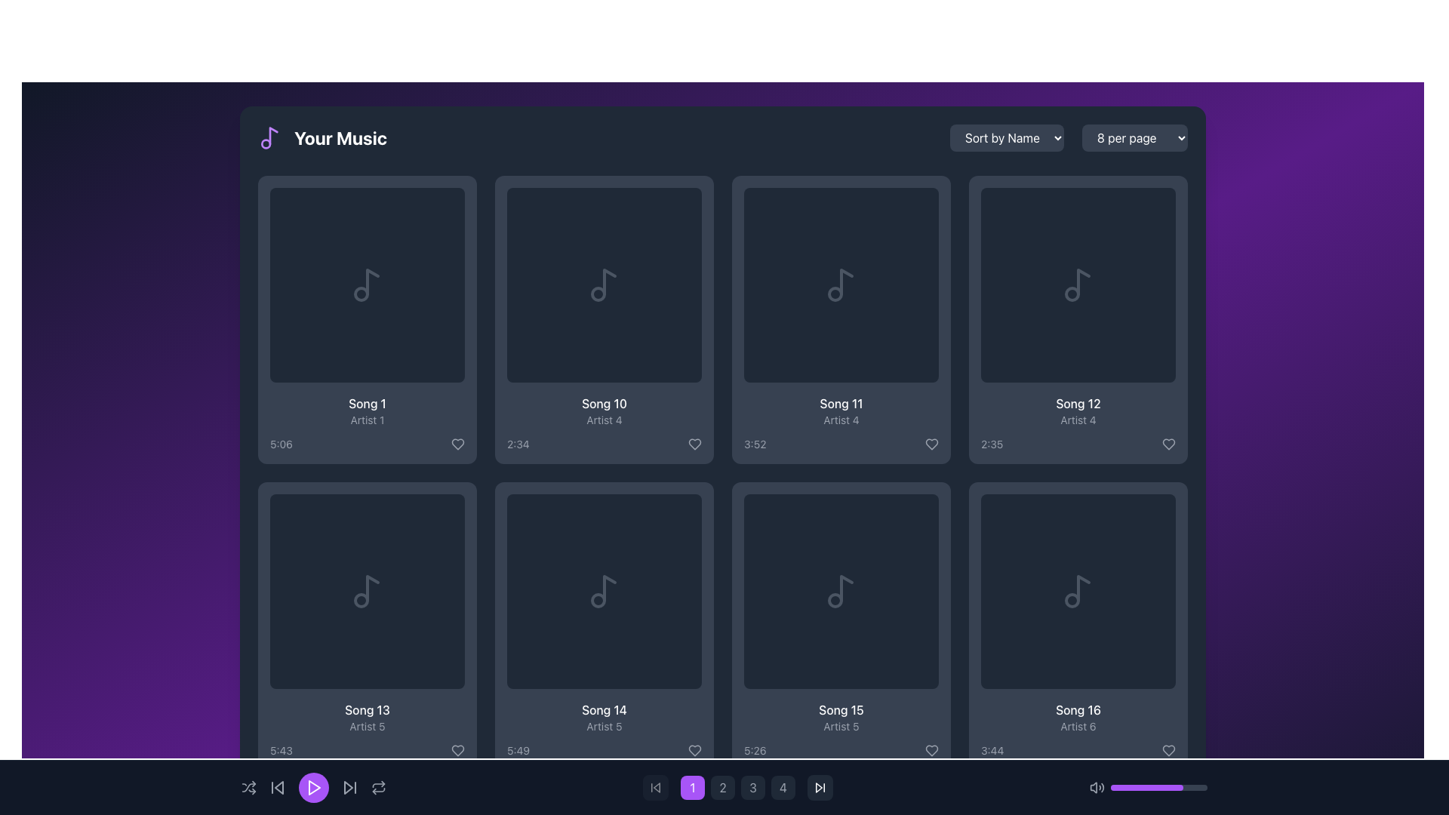 This screenshot has height=815, width=1449. What do you see at coordinates (1168, 444) in the screenshot?
I see `the 'like' button located to the right of the text element displaying '2:35' to mark the associated song as a favorite` at bounding box center [1168, 444].